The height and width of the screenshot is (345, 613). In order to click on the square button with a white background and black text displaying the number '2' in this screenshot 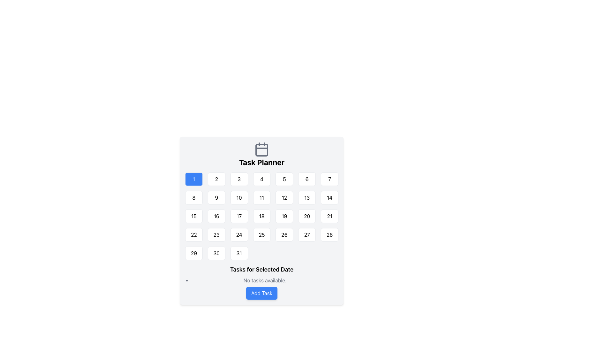, I will do `click(216, 179)`.